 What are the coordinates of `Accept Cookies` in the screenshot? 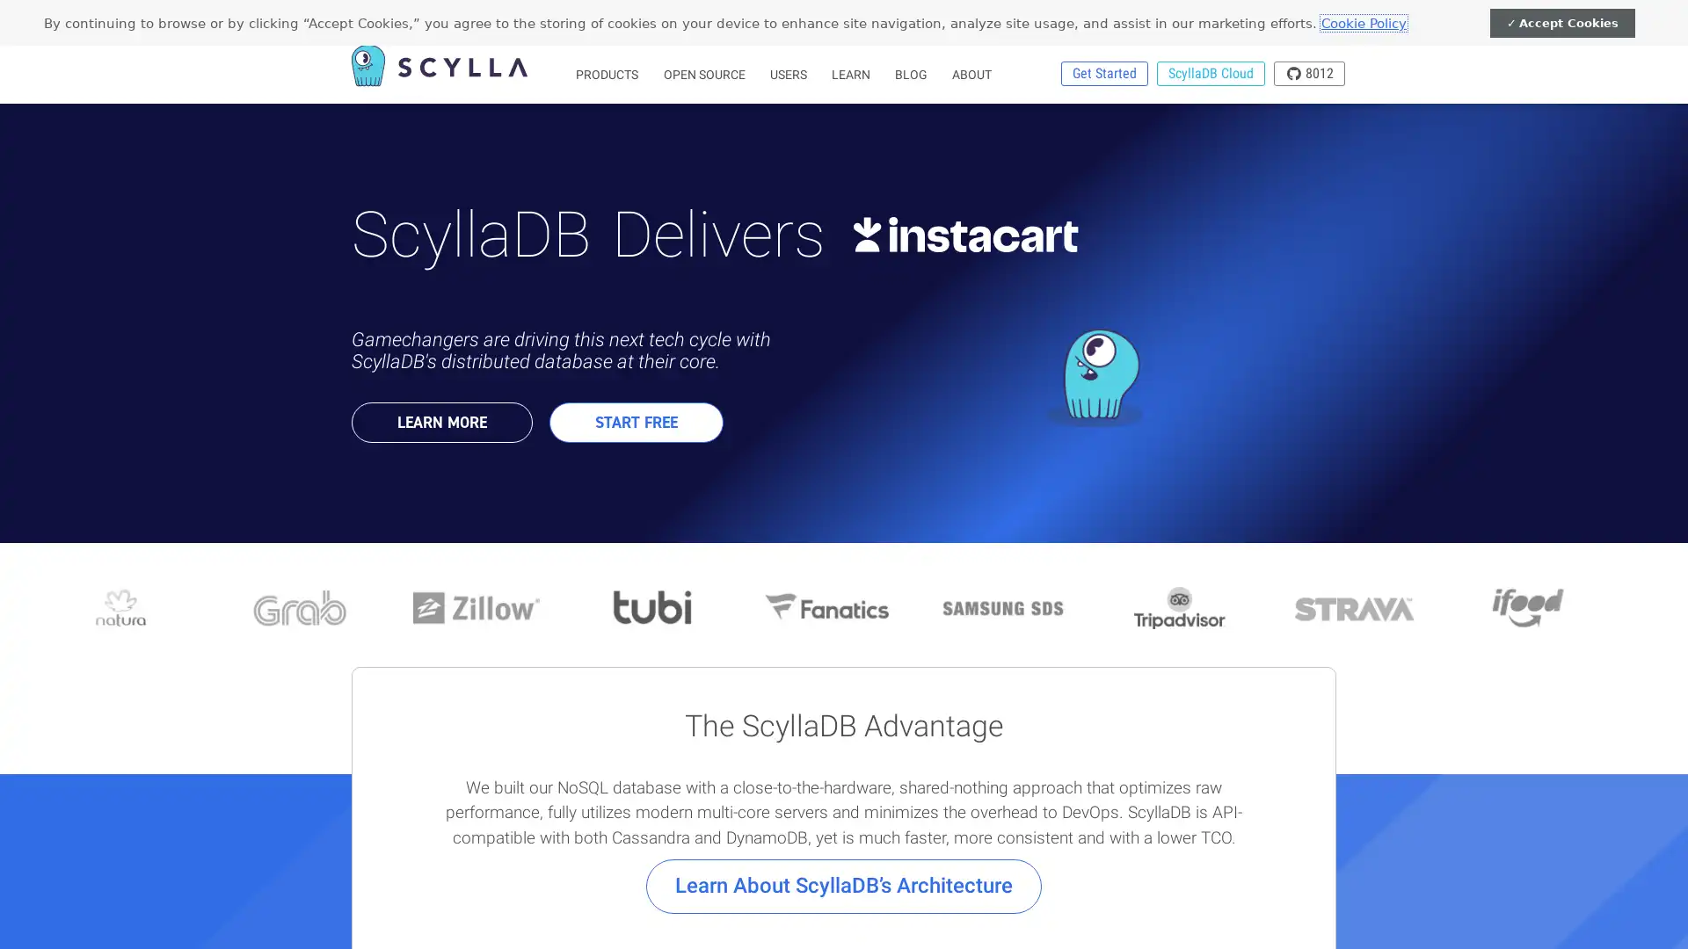 It's located at (1562, 23).